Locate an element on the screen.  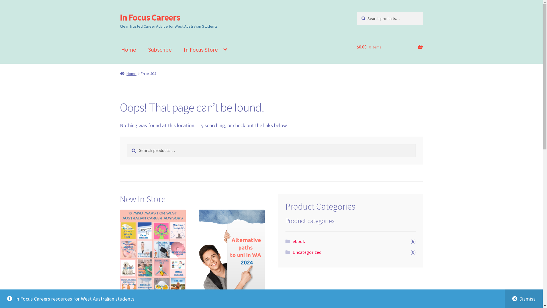
'In Focus Careers' is located at coordinates (120, 17).